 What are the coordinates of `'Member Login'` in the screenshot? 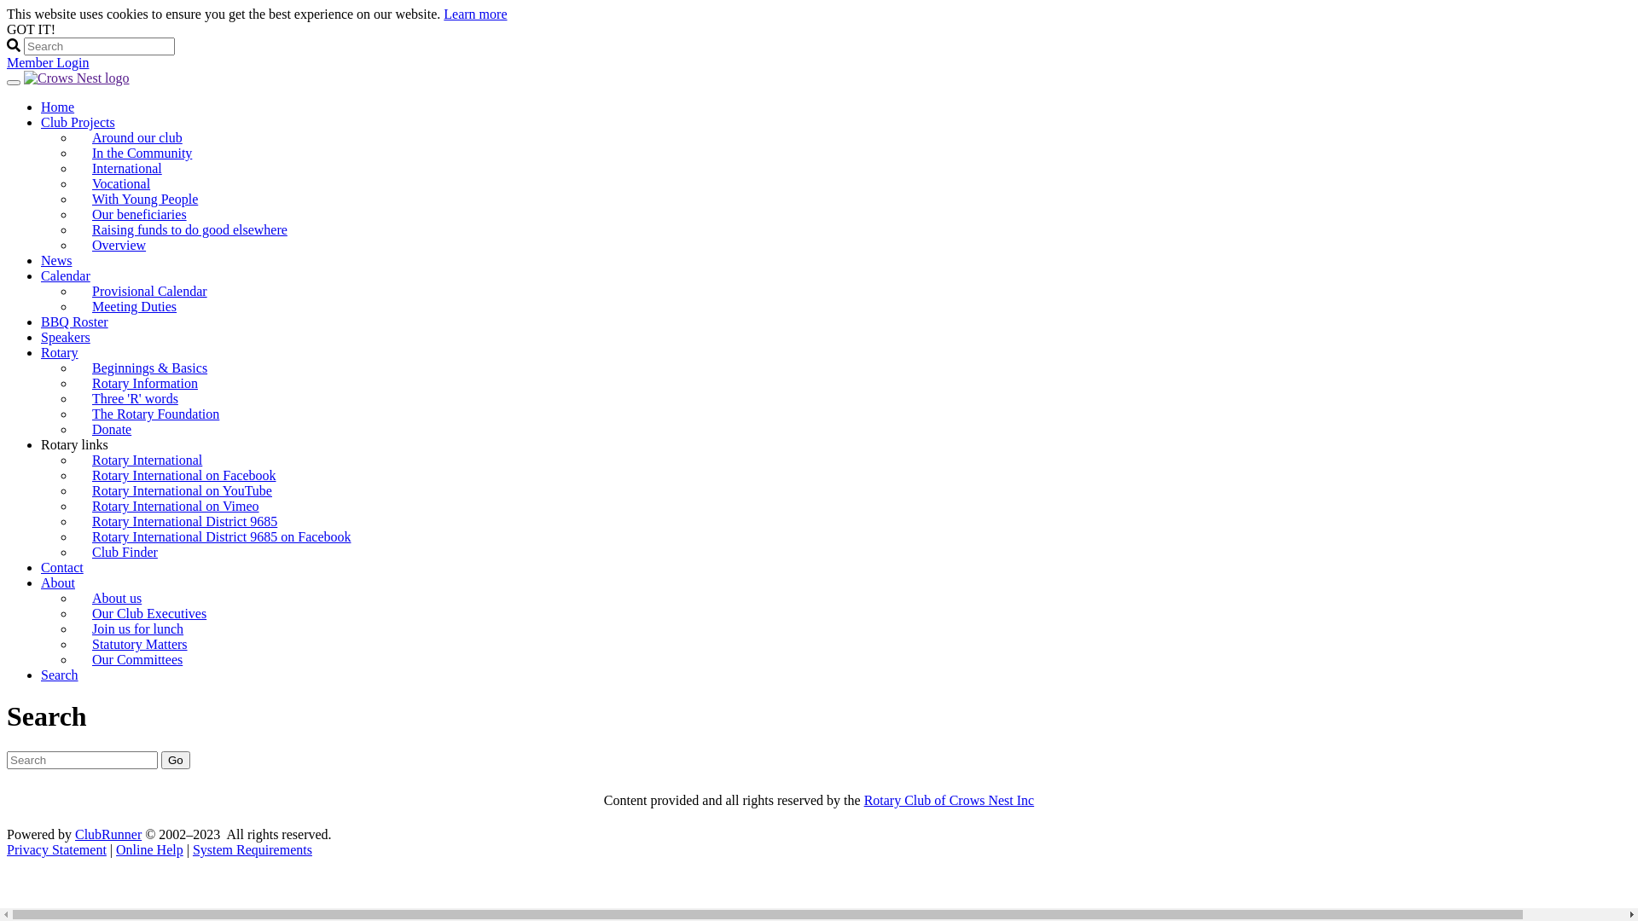 It's located at (48, 61).